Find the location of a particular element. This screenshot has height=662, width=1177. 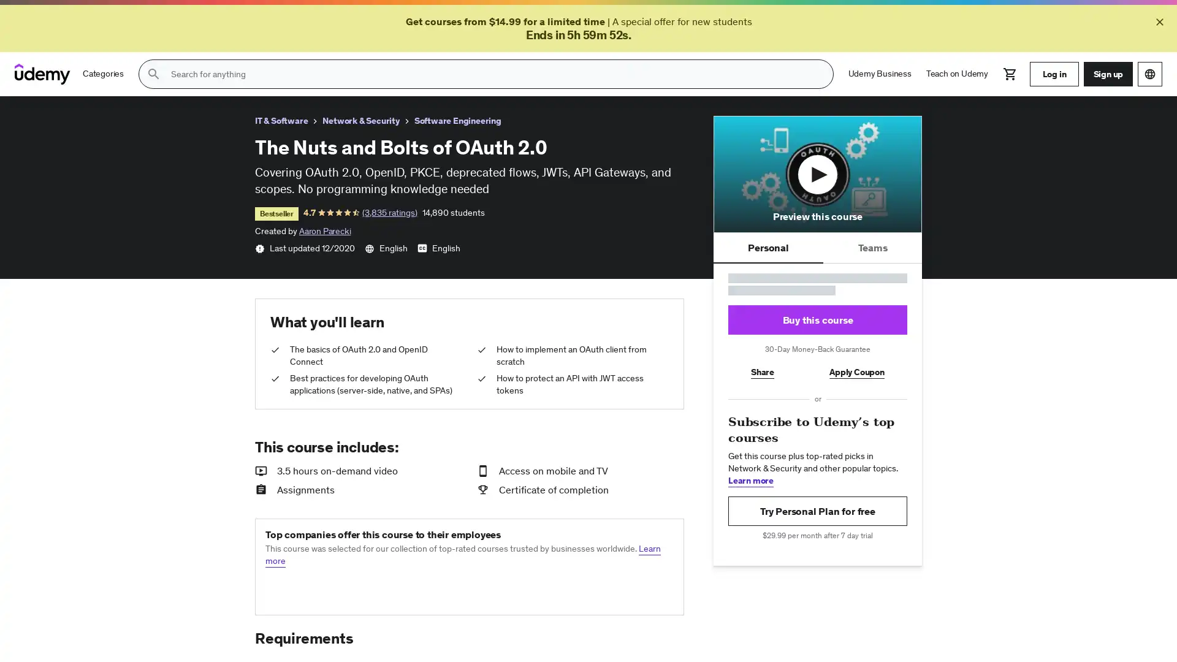

Apply Coupon is located at coordinates (856, 371).